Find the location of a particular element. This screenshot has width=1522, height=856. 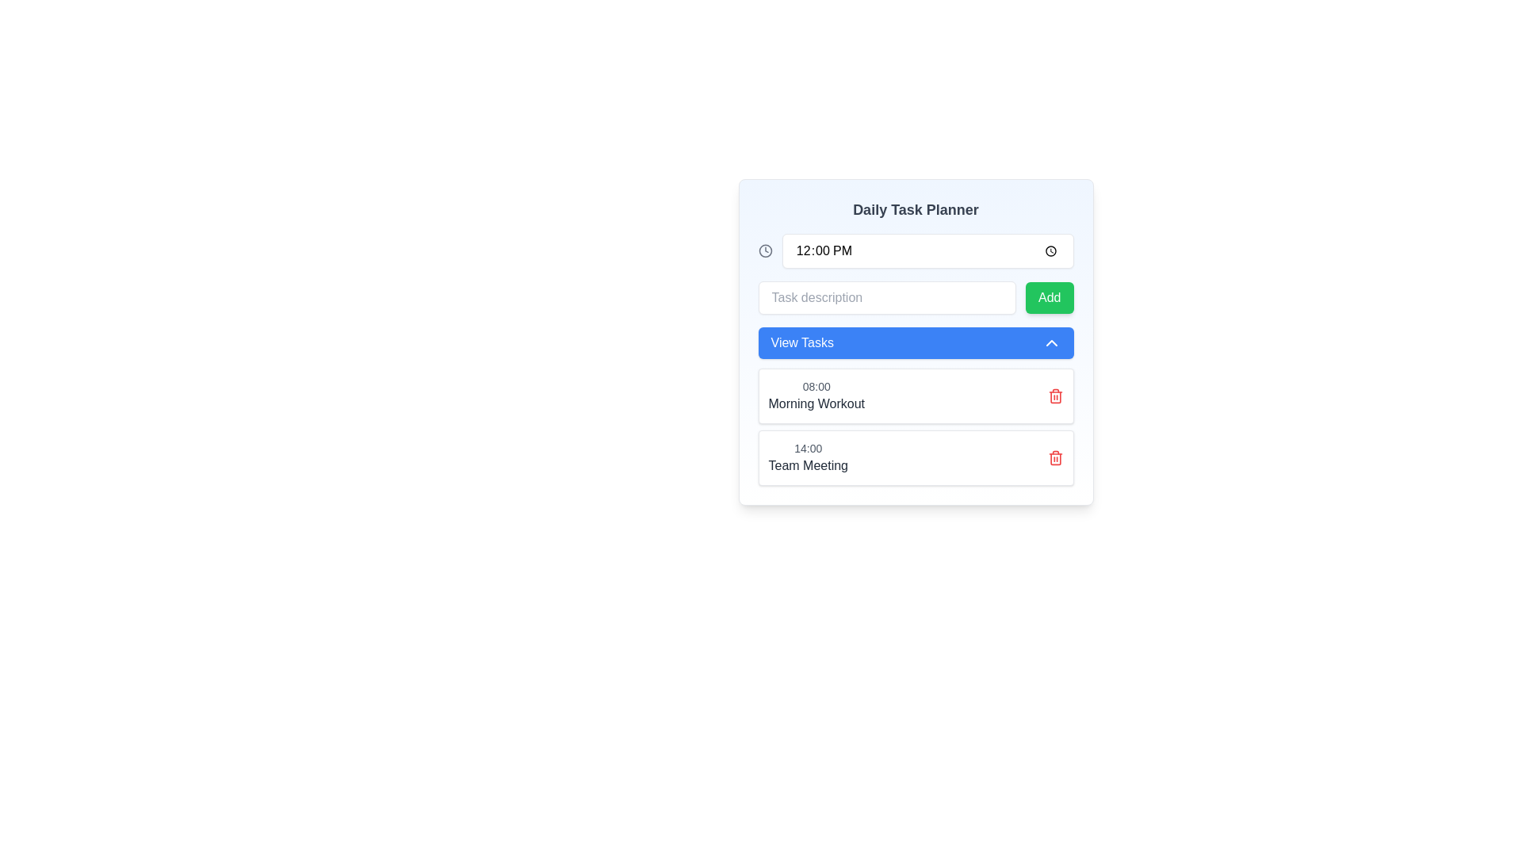

the blue button labeled 'View Tasks' located in the 'Daily Task Planner' card, positioned below the 'Add' button is located at coordinates (916, 342).